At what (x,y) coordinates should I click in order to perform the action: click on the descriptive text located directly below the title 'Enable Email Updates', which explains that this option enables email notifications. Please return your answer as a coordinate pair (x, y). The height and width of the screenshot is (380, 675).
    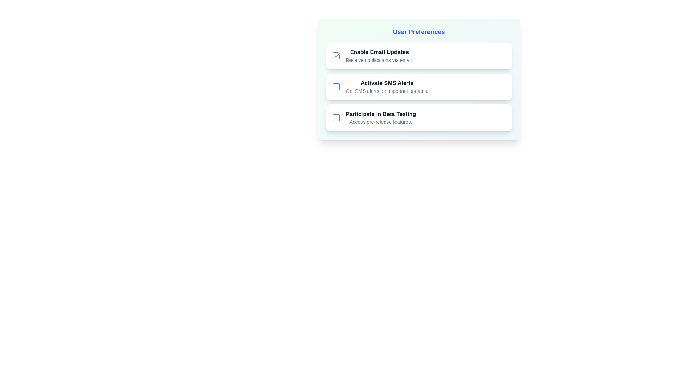
    Looking at the image, I should click on (379, 59).